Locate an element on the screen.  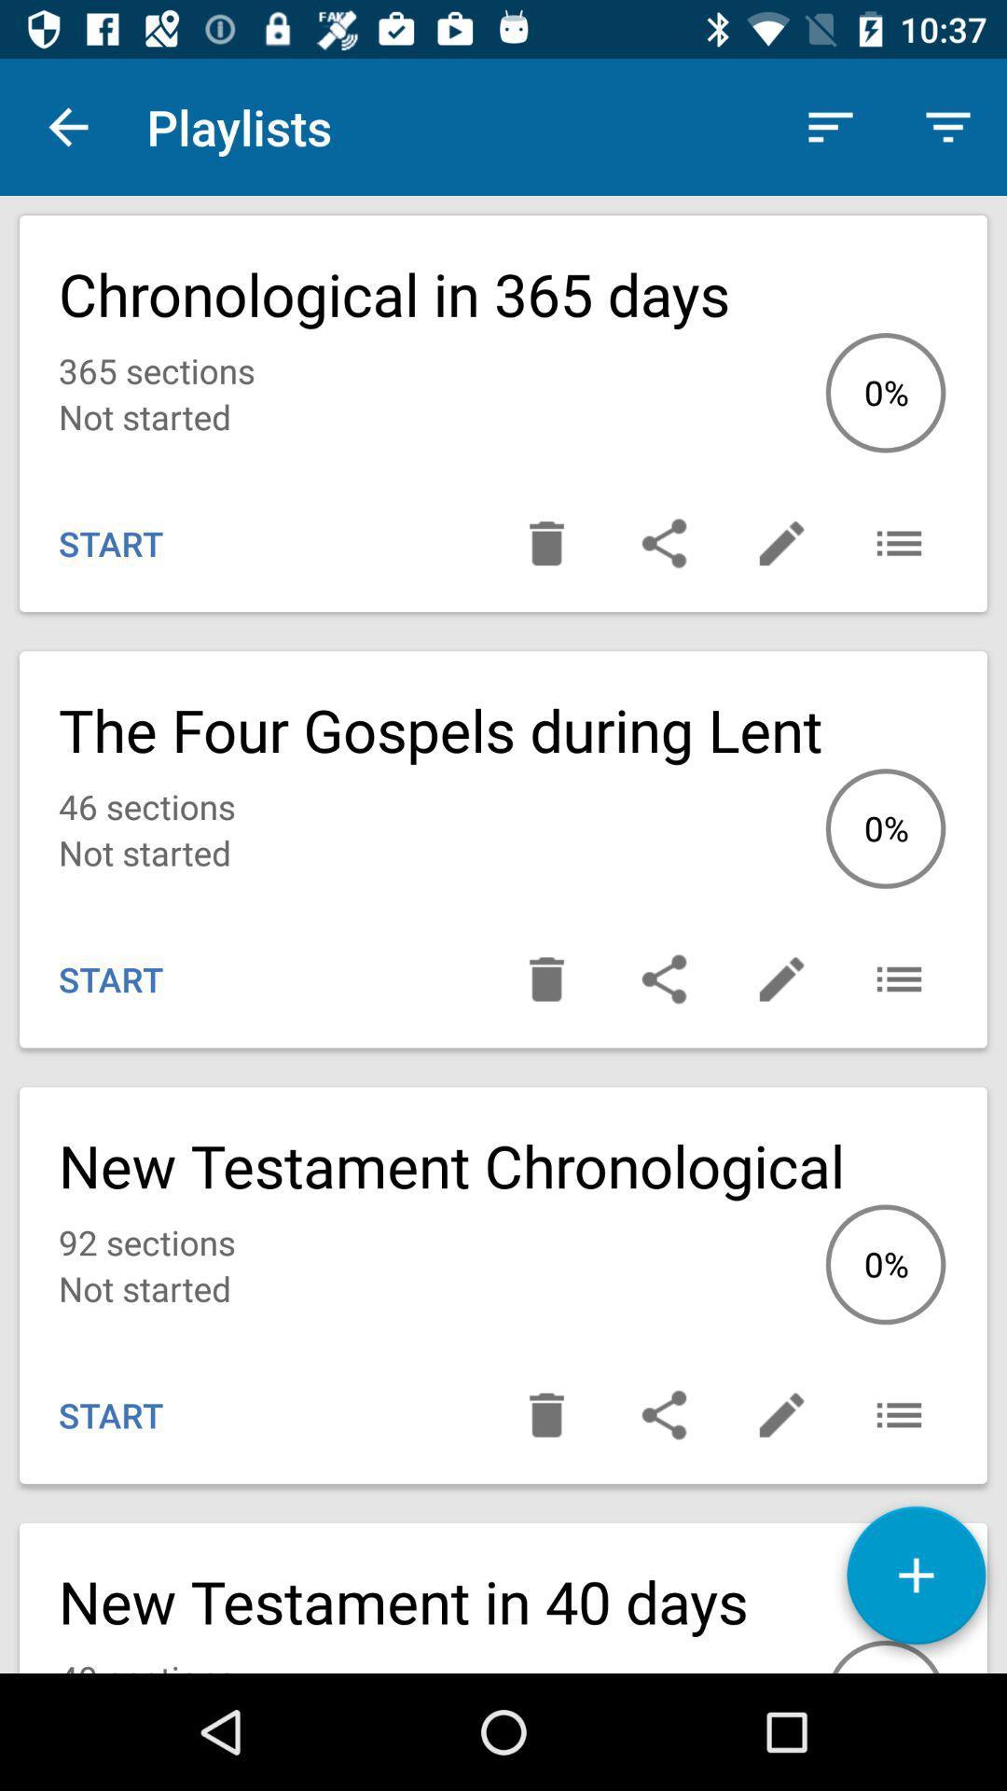
icon next to the playlists icon is located at coordinates (67, 126).